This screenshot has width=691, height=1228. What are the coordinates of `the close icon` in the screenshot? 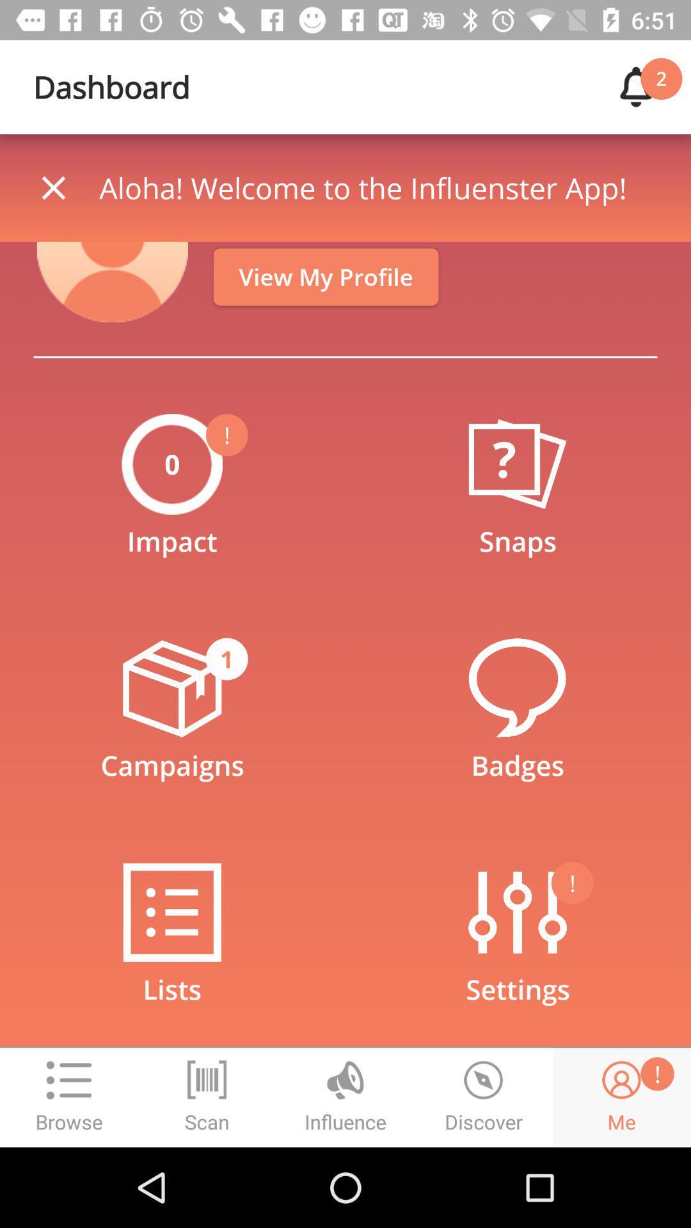 It's located at (53, 187).